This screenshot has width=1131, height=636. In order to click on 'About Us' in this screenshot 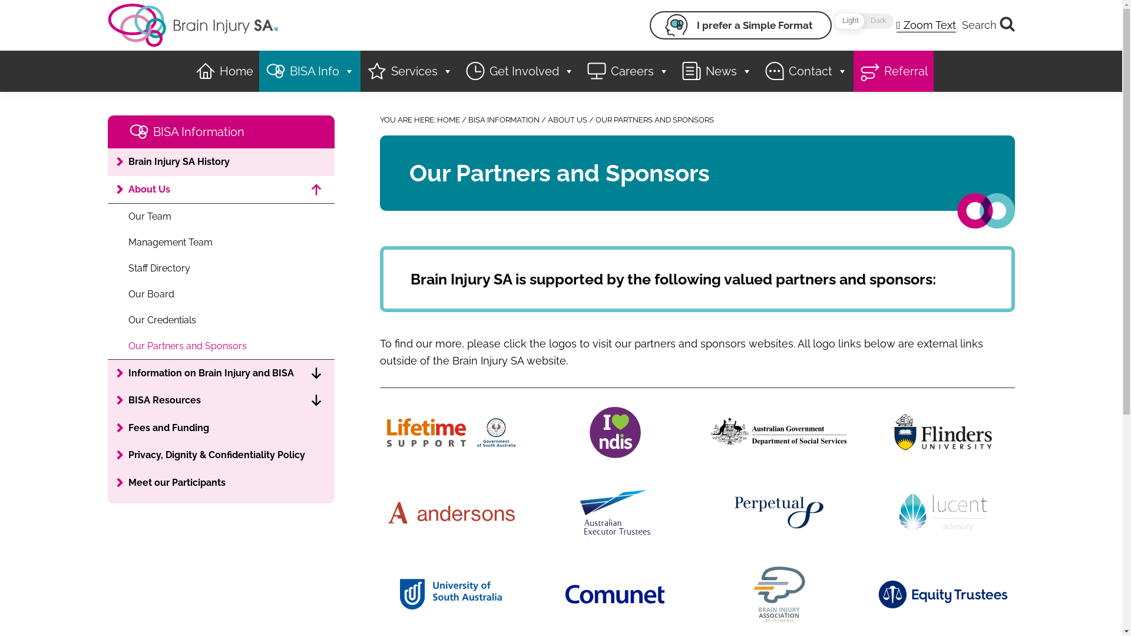, I will do `click(220, 188)`.